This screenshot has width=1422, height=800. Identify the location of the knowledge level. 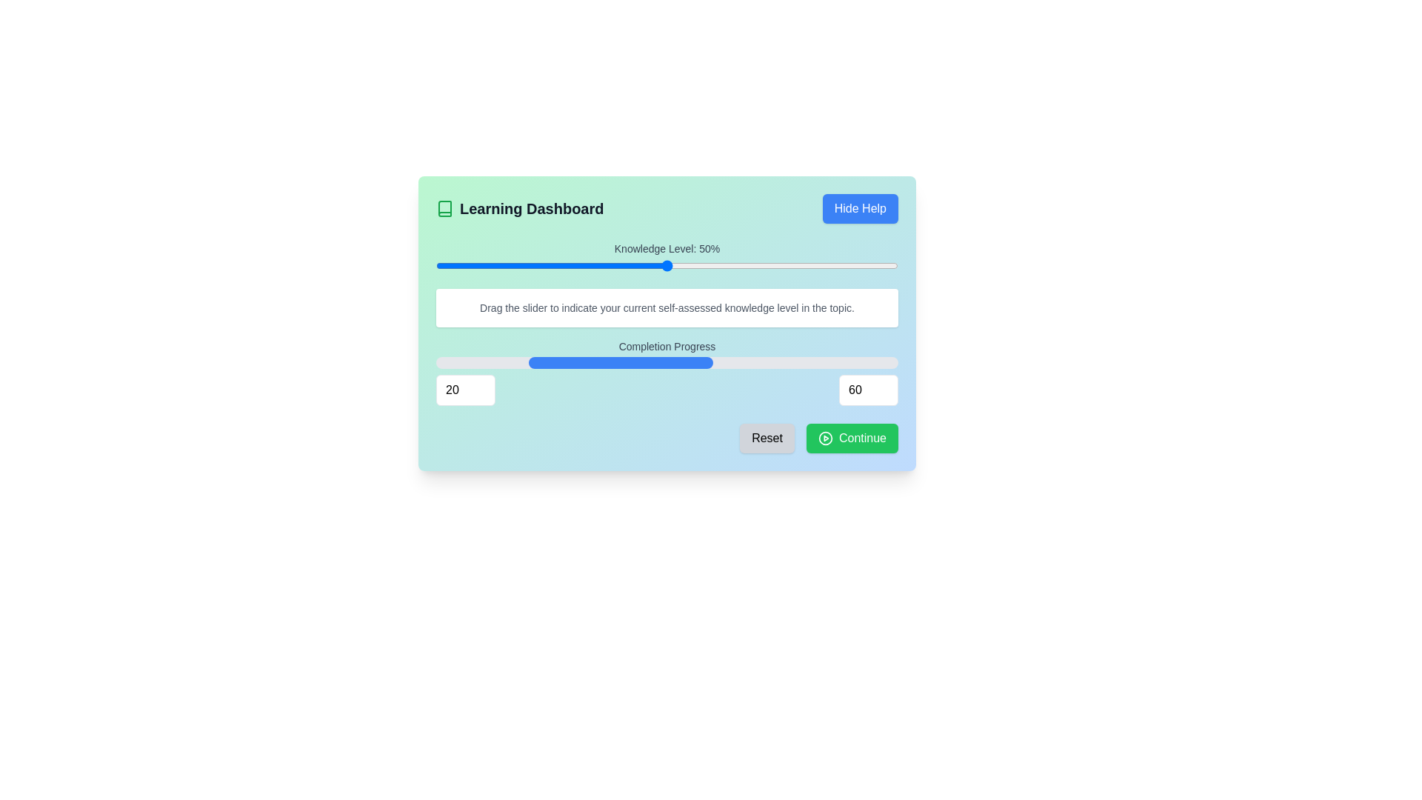
(870, 264).